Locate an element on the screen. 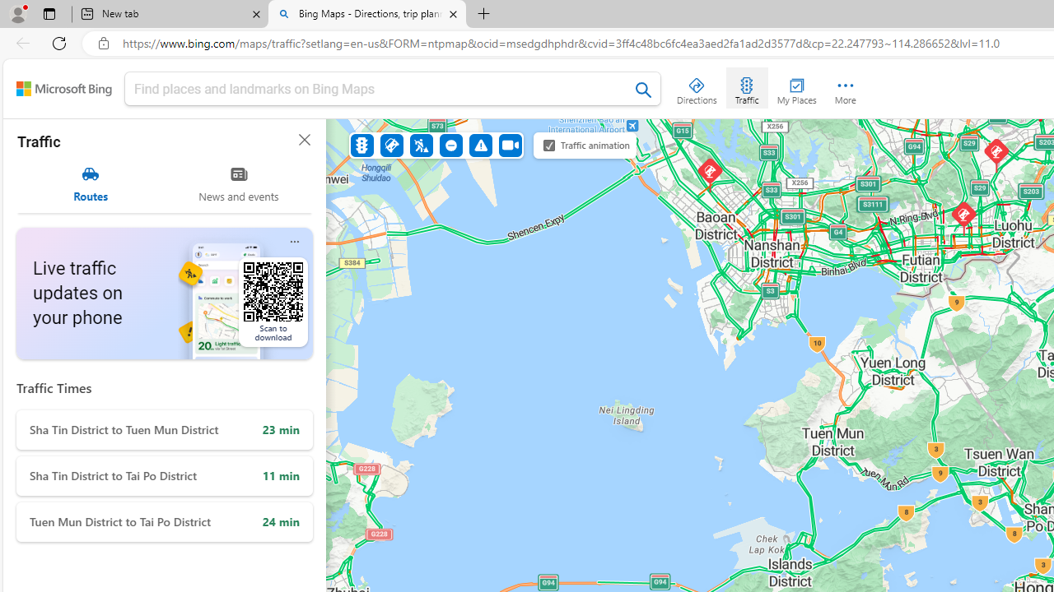 This screenshot has height=592, width=1054. 'More' is located at coordinates (845, 87).